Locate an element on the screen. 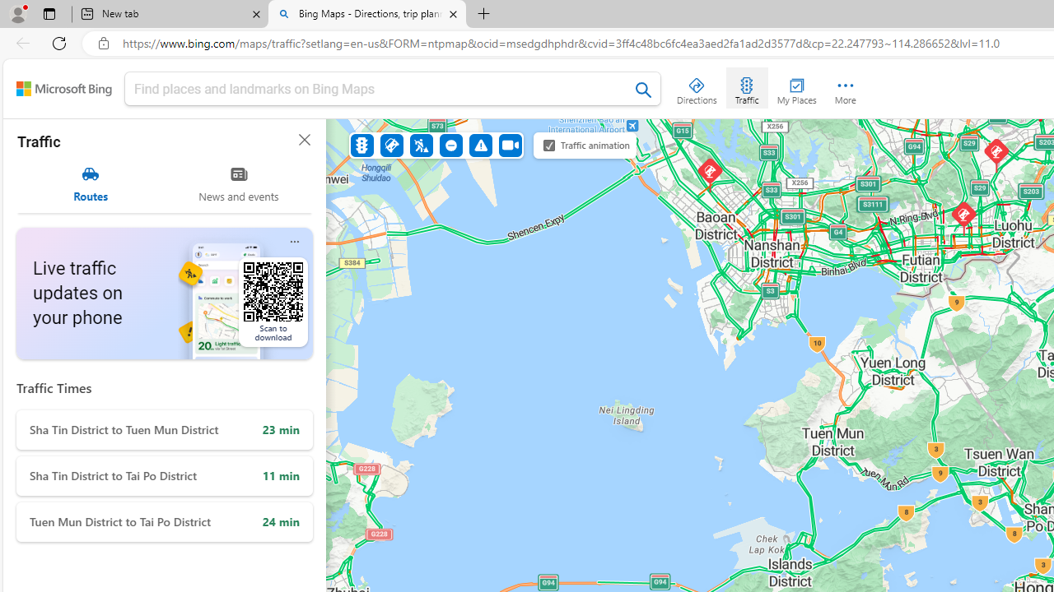 This screenshot has height=592, width=1054. 'More' is located at coordinates (845, 87).